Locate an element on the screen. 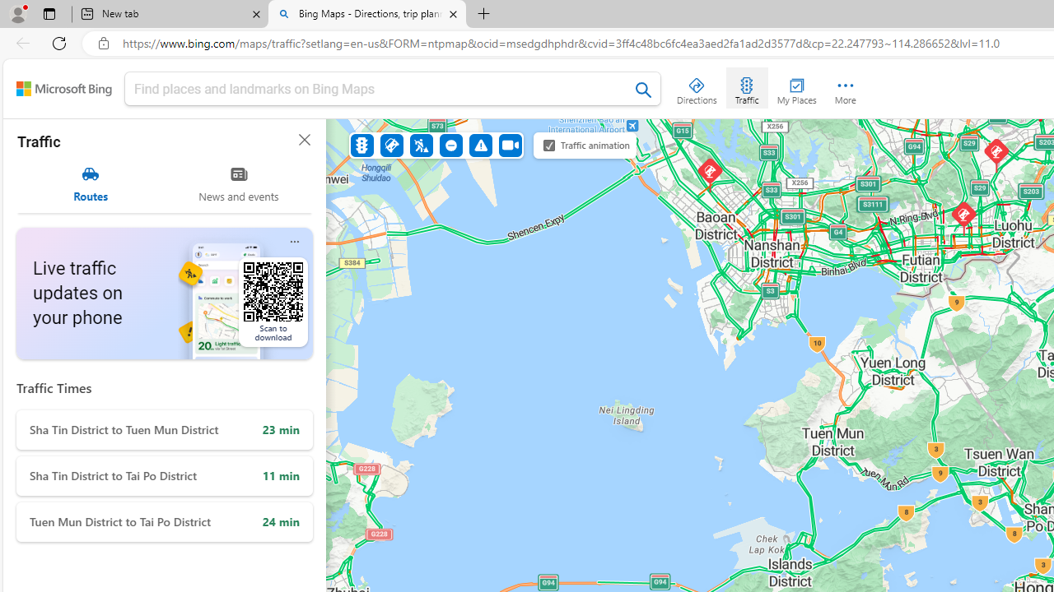 This screenshot has height=592, width=1054. 'More' is located at coordinates (845, 87).